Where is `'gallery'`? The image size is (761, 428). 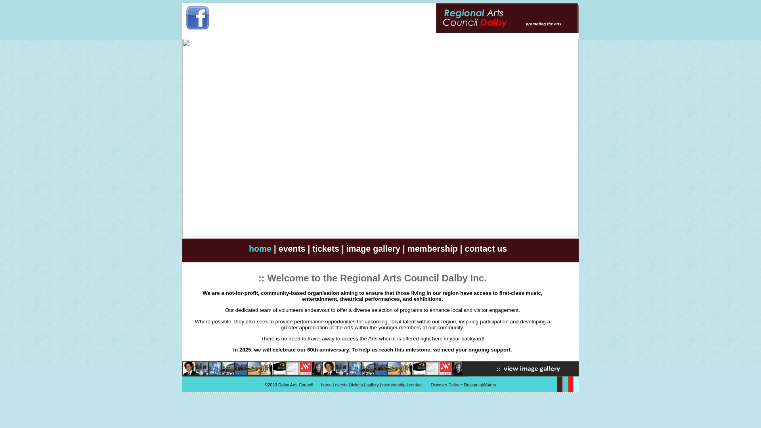
'gallery' is located at coordinates (366, 384).